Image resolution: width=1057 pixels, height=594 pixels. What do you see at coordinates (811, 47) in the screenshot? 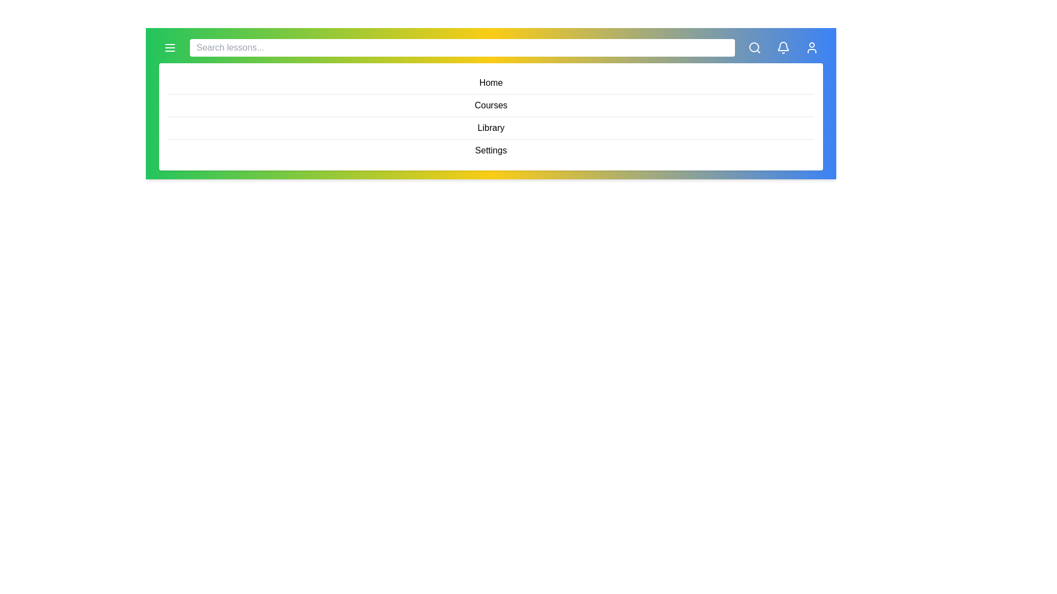
I see `the button User to see its hover effect` at bounding box center [811, 47].